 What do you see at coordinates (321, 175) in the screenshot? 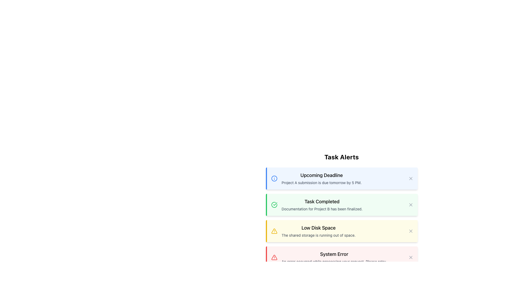
I see `the prominent text line 'Upcoming Deadline' styled in bold within the blue notification box under the 'Task Alerts' section` at bounding box center [321, 175].